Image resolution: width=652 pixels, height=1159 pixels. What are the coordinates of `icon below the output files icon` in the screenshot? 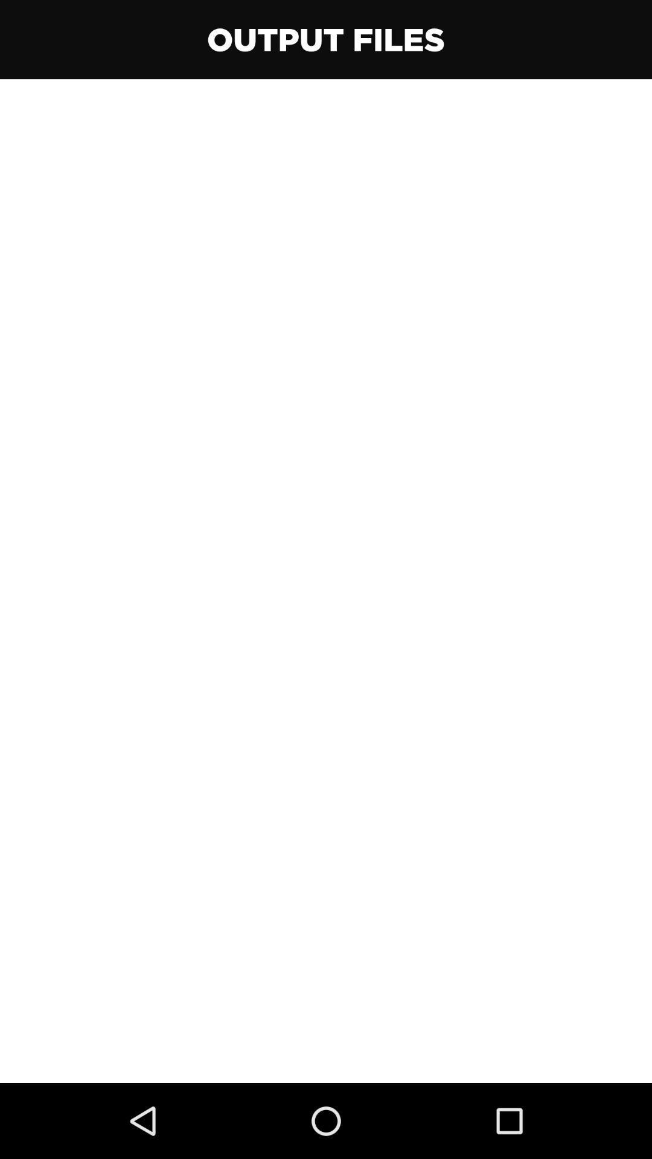 It's located at (326, 581).